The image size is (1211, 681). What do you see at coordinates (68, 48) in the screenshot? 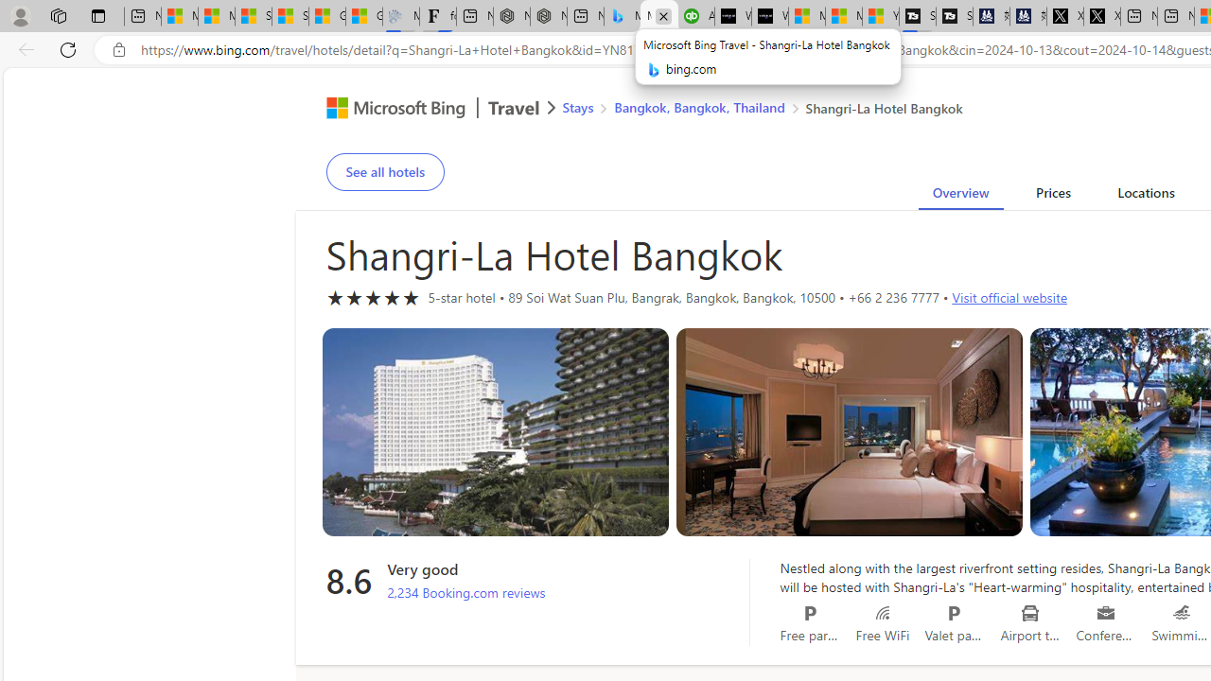
I see `'Refresh'` at bounding box center [68, 48].